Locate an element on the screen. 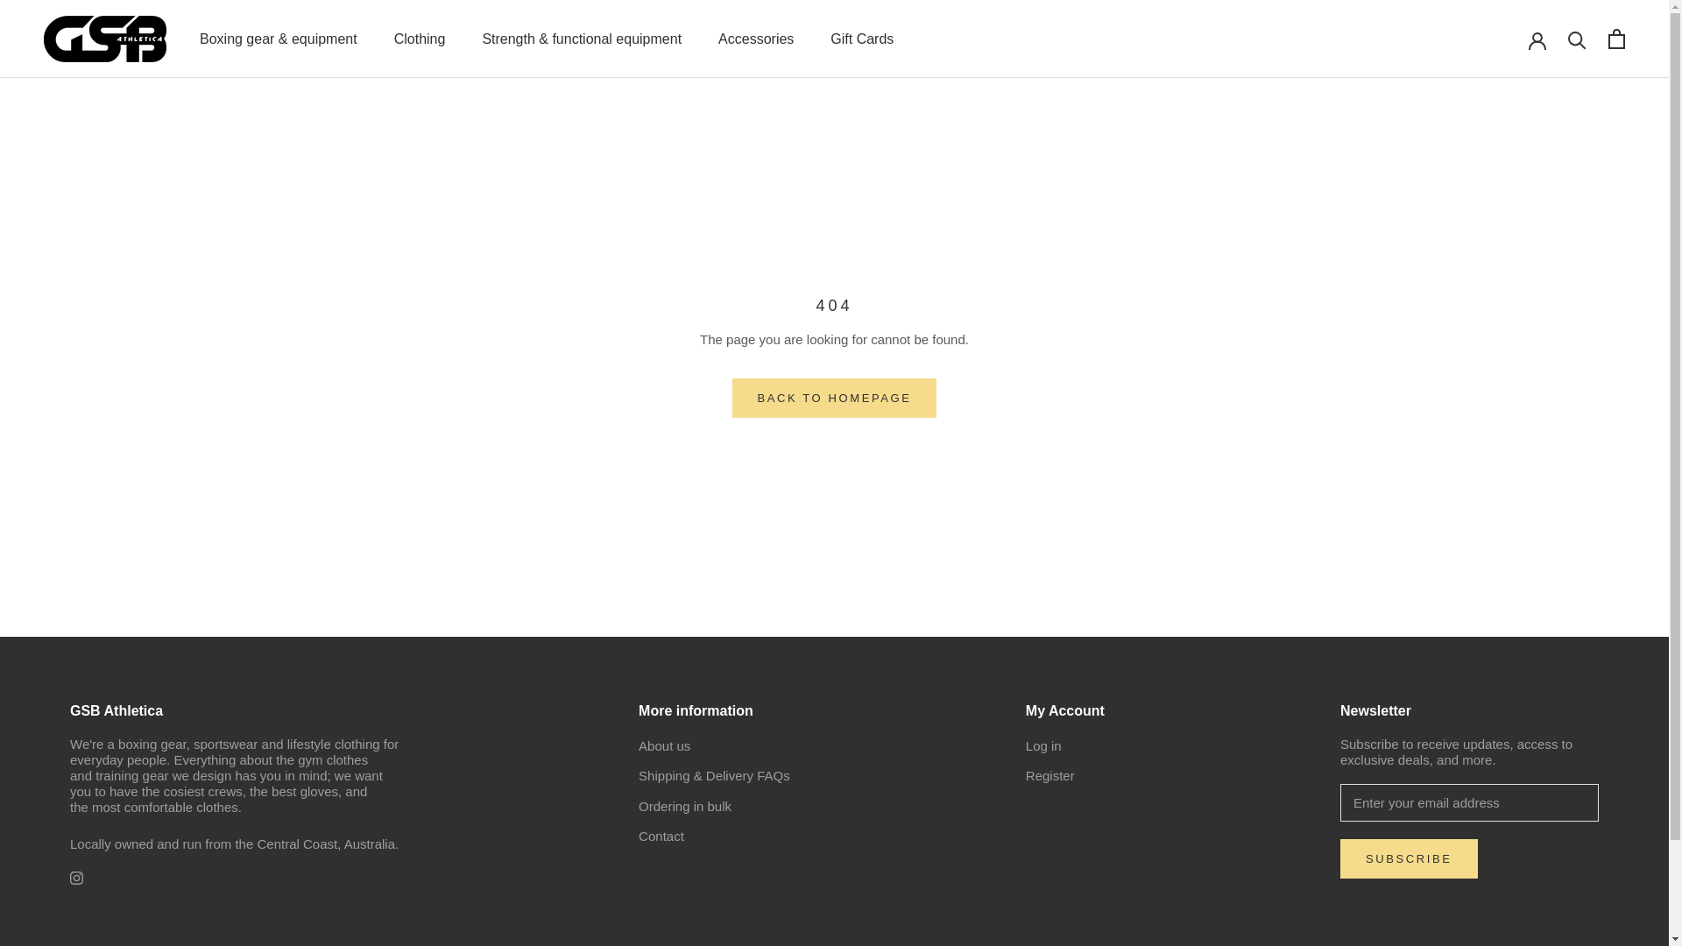 The image size is (1682, 946). 'Log in' is located at coordinates (1064, 746).